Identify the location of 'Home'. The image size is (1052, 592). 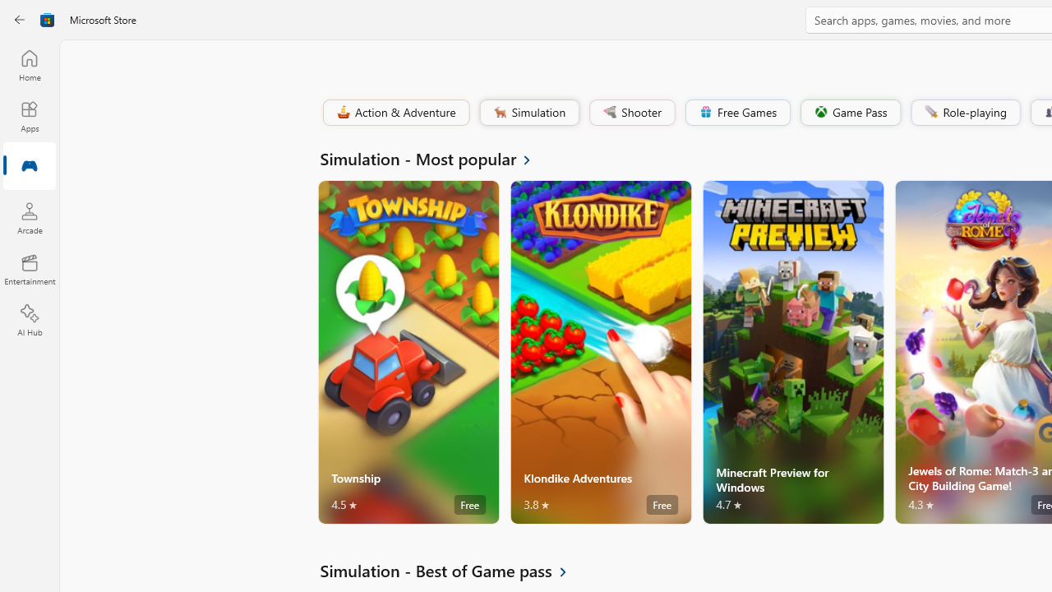
(29, 64).